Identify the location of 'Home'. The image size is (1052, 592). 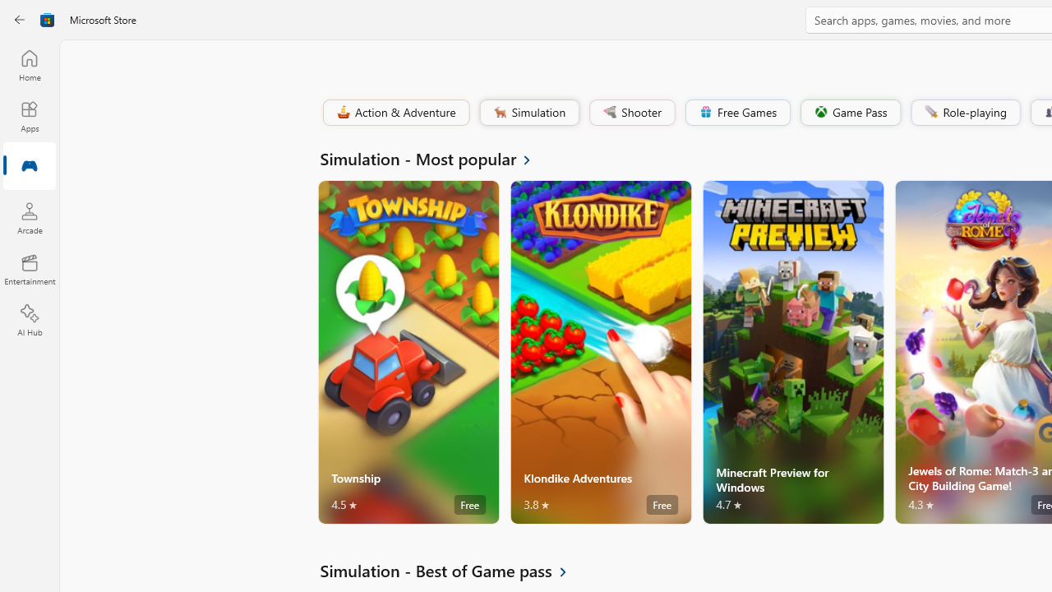
(29, 64).